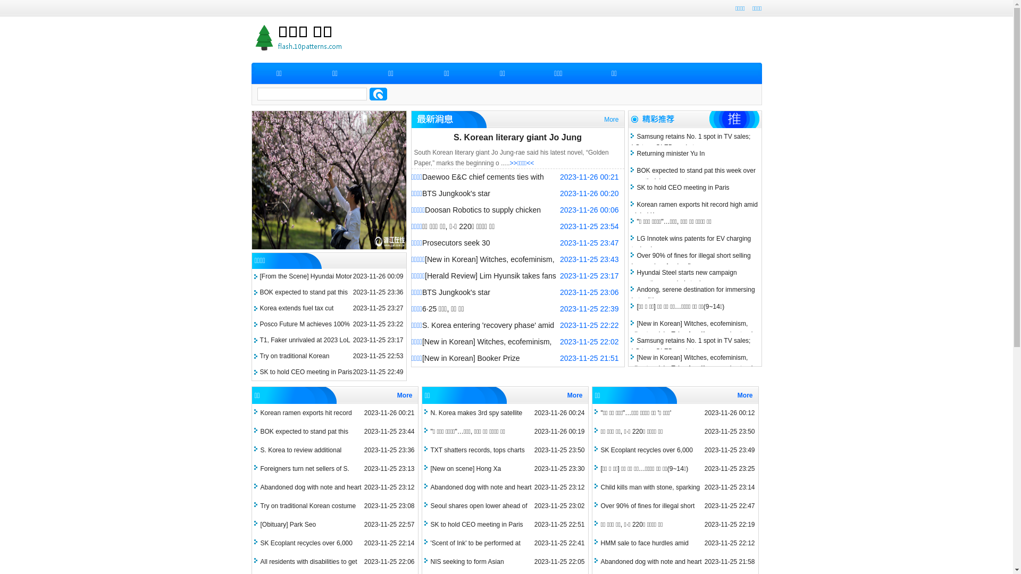 The image size is (1021, 574). I want to click on 'Doosan Robotics to supply chicken', so click(482, 209).